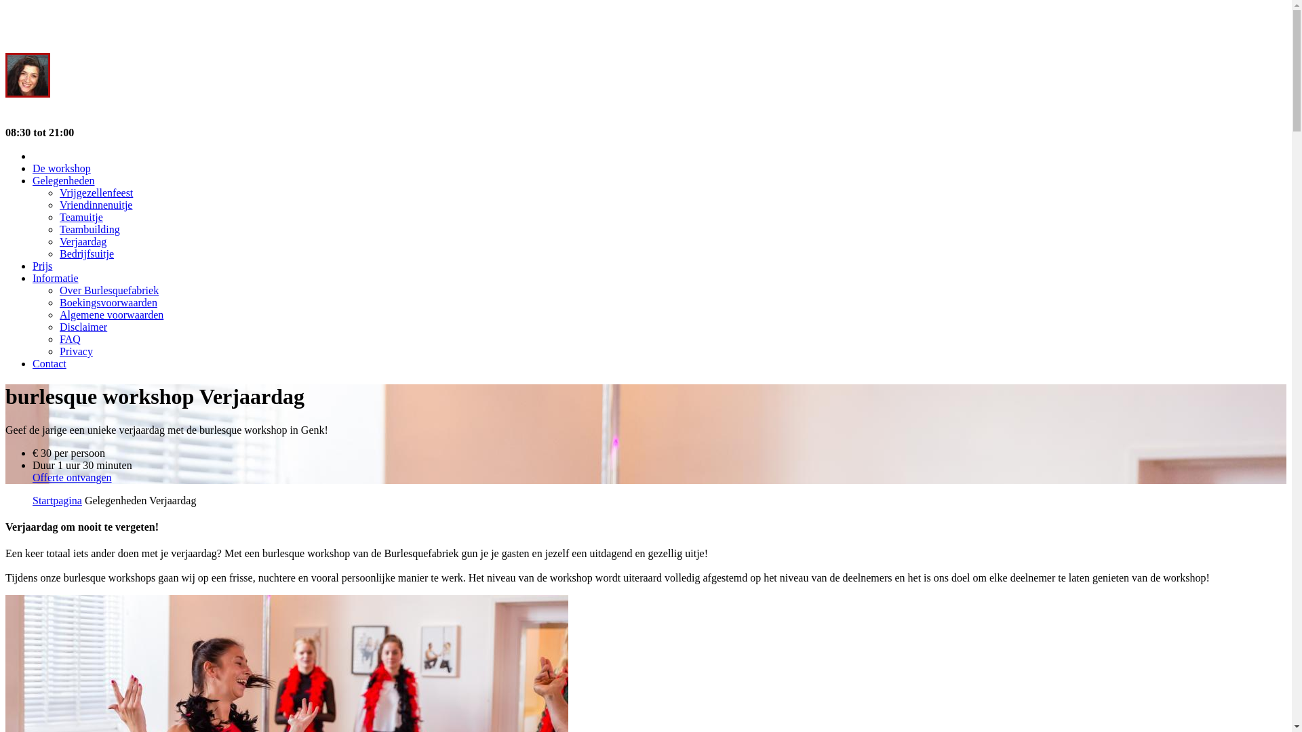  What do you see at coordinates (71, 476) in the screenshot?
I see `'Offerte ontvangen'` at bounding box center [71, 476].